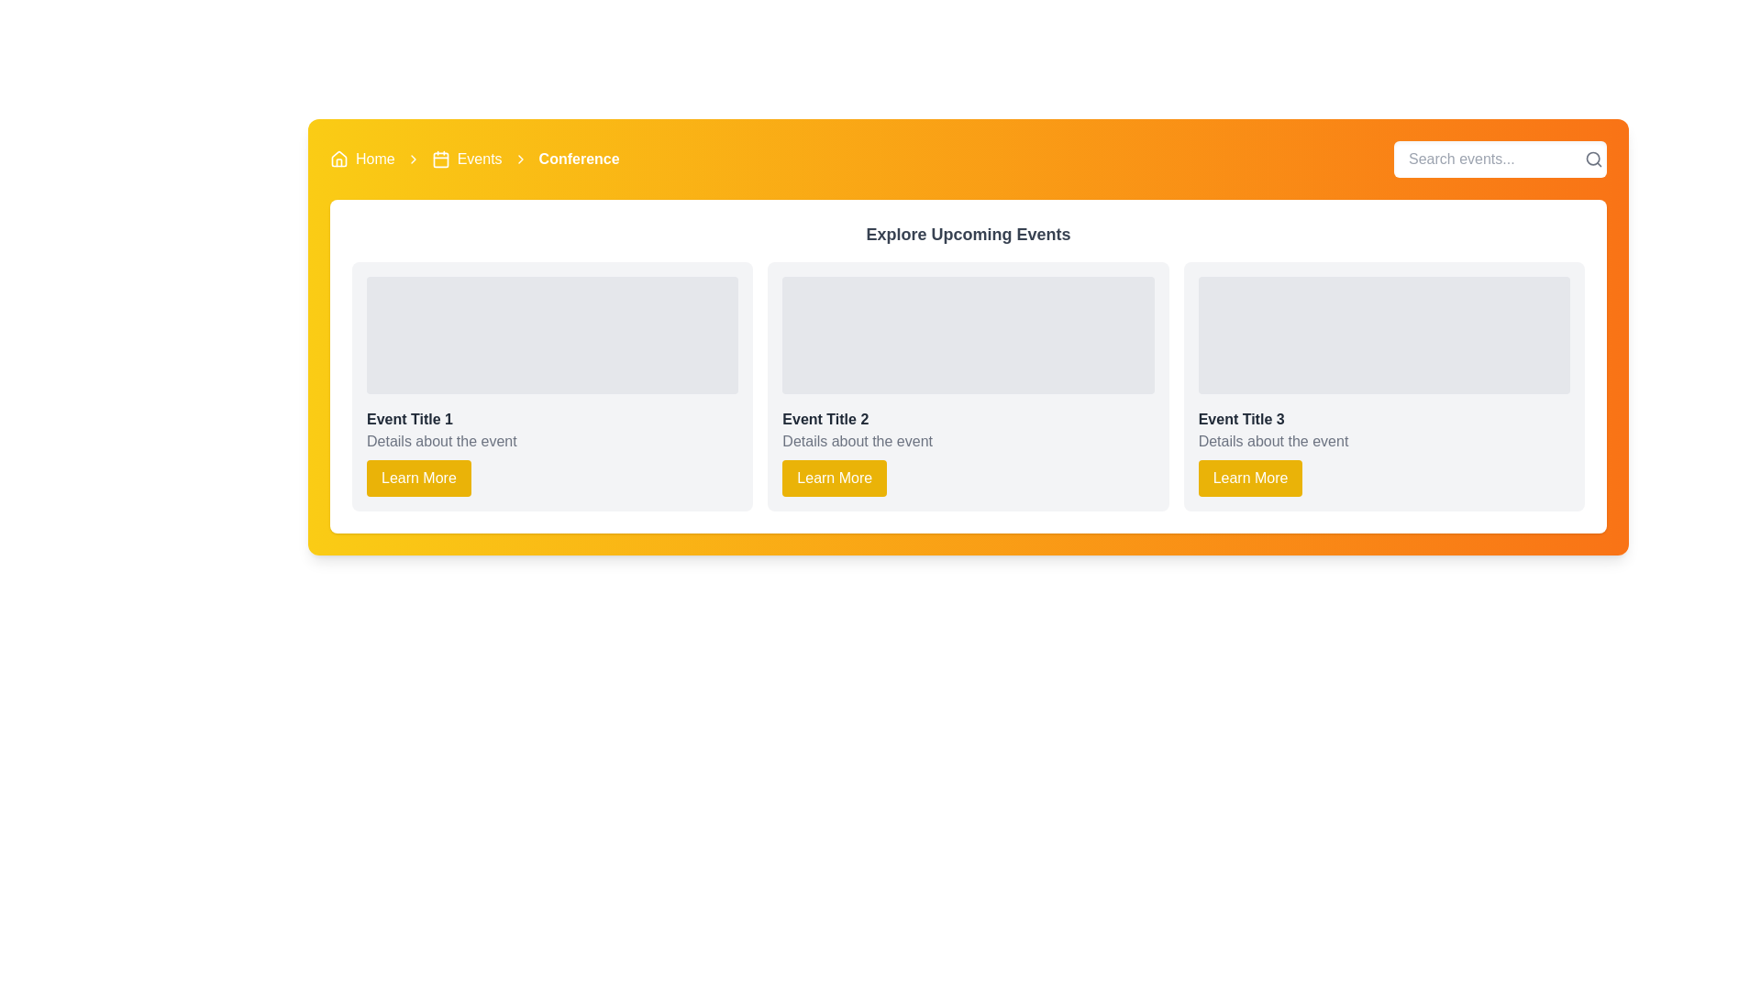  I want to click on the visual placeholder located at the top of the leftmost event card, which is directly above 'Event Title 1' and the 'Learn More' button, so click(551, 335).